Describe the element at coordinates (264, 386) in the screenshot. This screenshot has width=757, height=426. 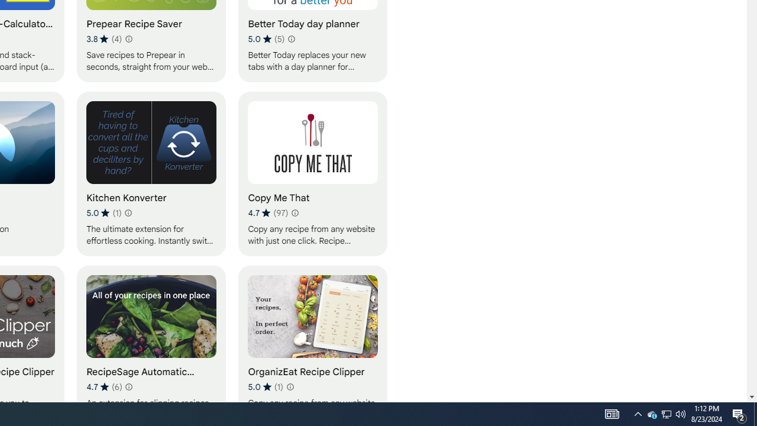
I see `'Average rating 5 out of 5 stars. 1 rating.'` at that location.